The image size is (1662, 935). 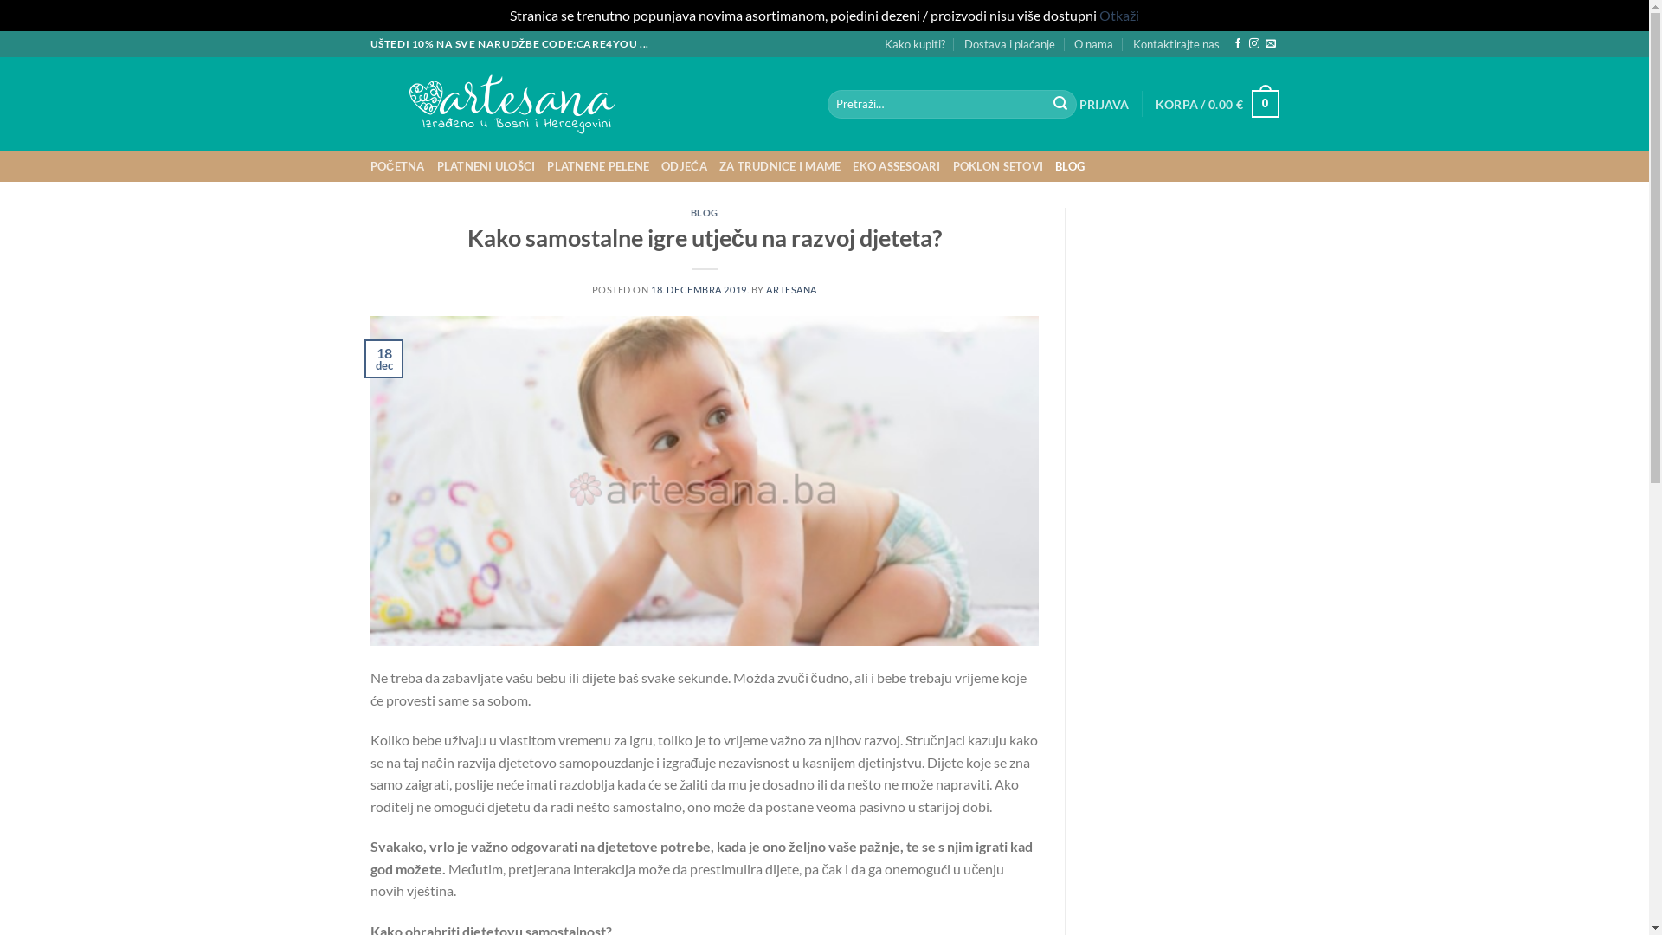 I want to click on 'BLOG', so click(x=1069, y=166).